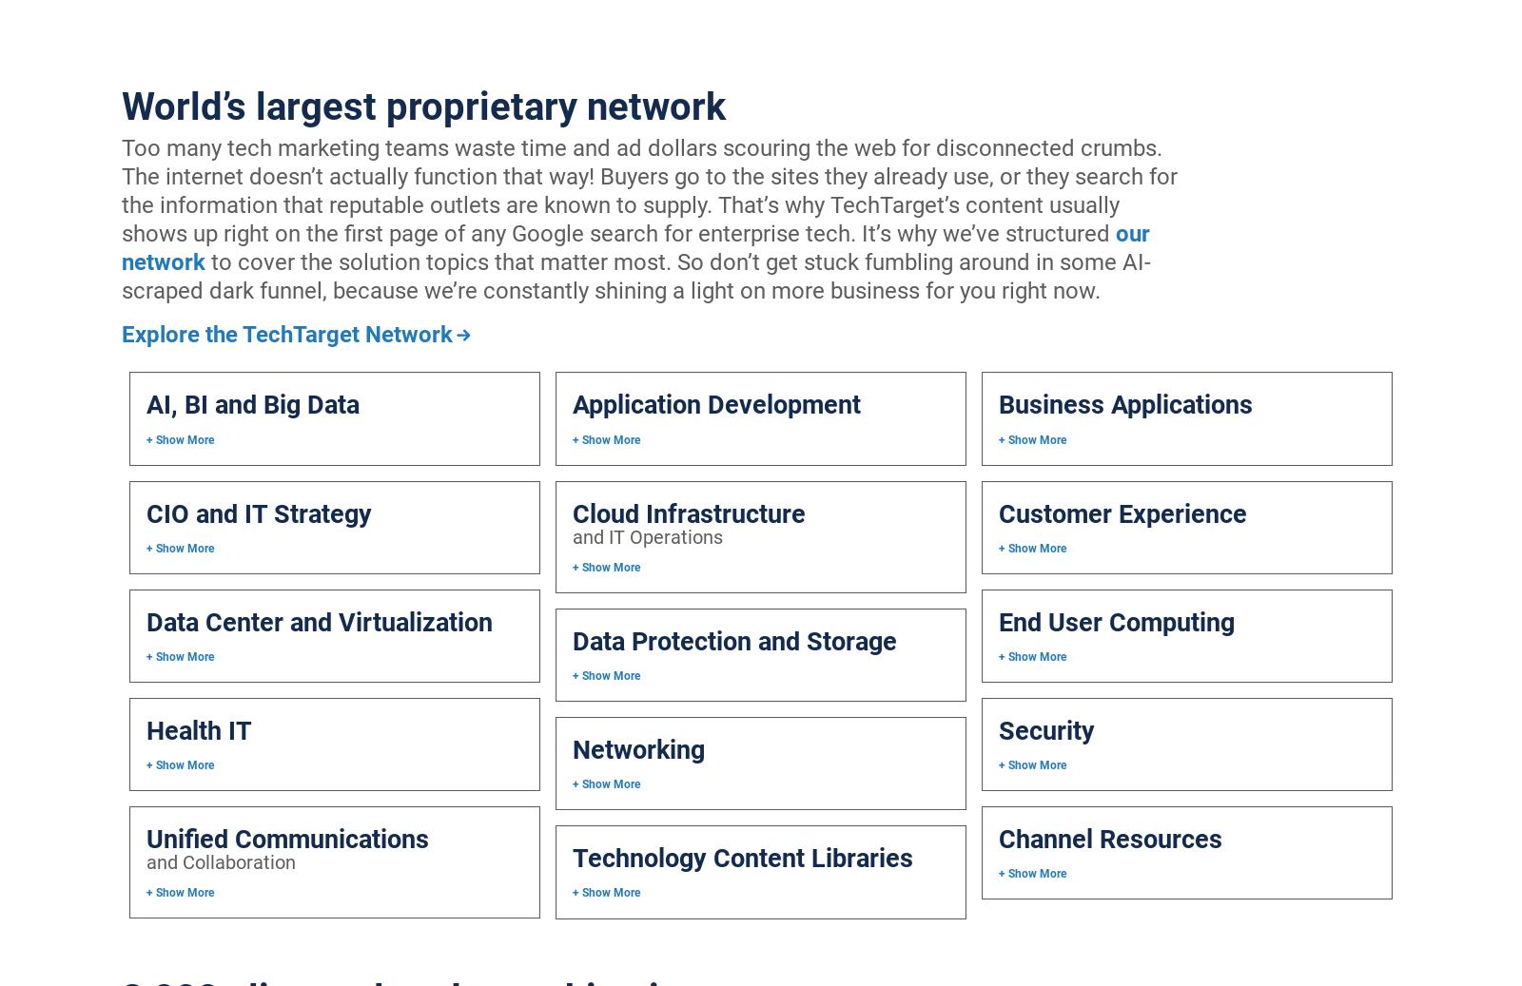 This screenshot has width=1522, height=986. Describe the element at coordinates (733, 641) in the screenshot. I see `'Data Protection and Storage'` at that location.